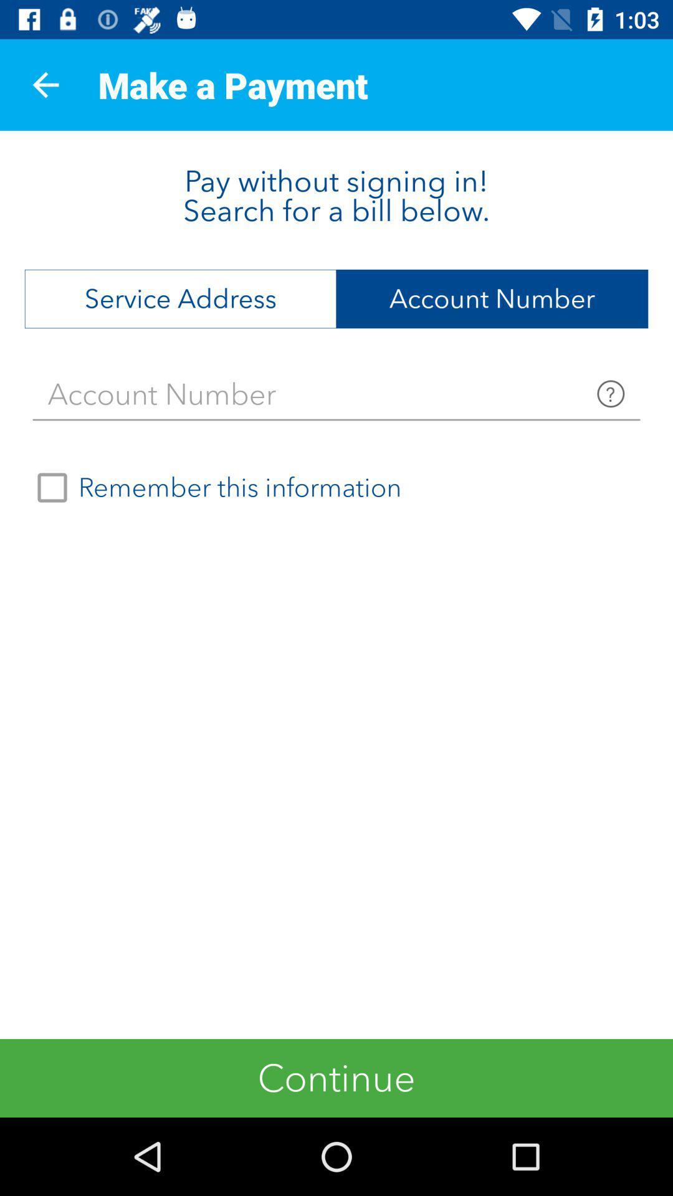  What do you see at coordinates (213, 486) in the screenshot?
I see `the remember this information on the left` at bounding box center [213, 486].